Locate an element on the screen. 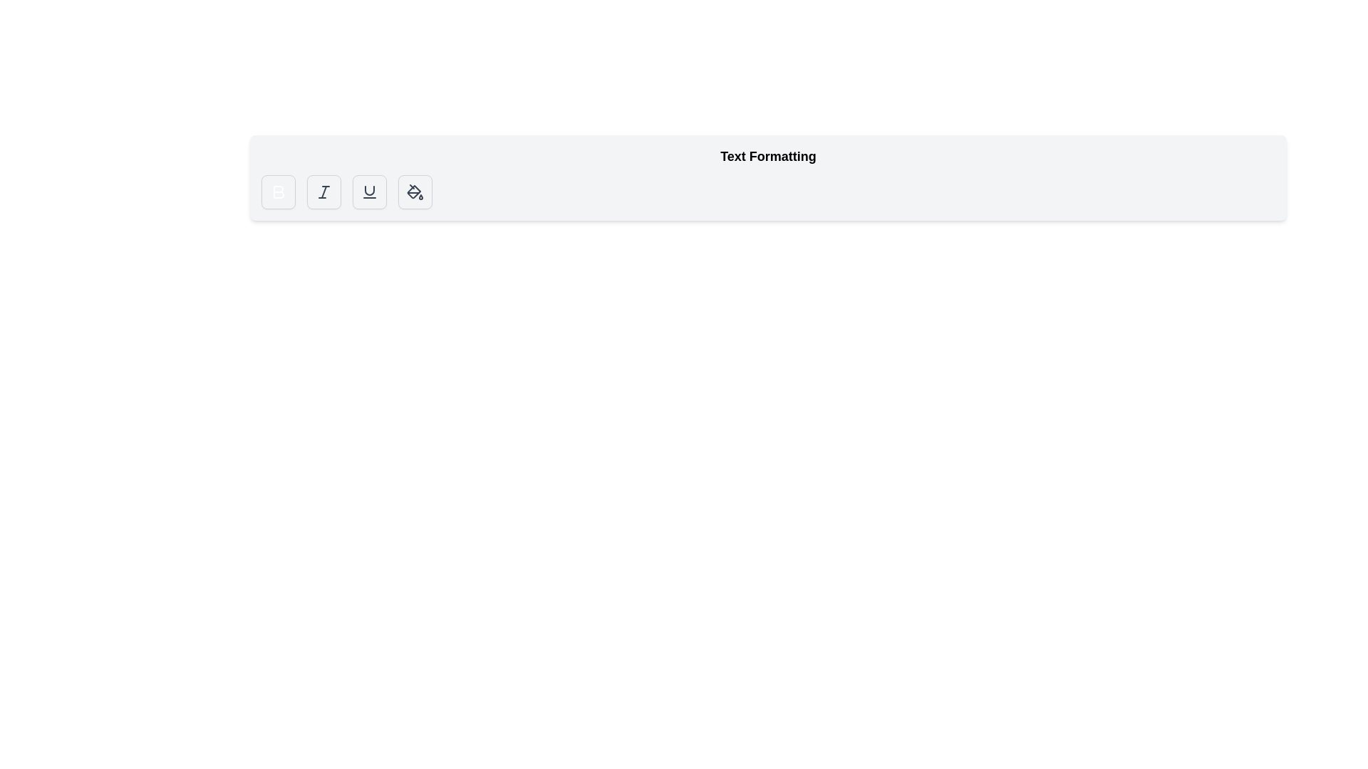  the button with an underlined U icon, which is the third button from the left in the horizontal toolbar above the text area, to apply underline is located at coordinates (369, 192).